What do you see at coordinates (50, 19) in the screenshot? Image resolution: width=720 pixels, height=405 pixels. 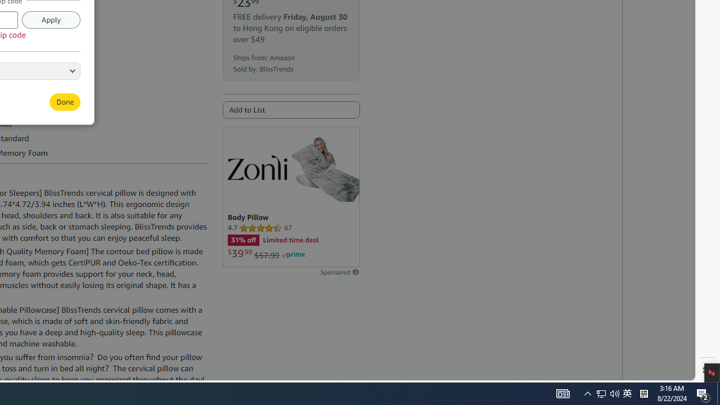 I see `'Apply'` at bounding box center [50, 19].